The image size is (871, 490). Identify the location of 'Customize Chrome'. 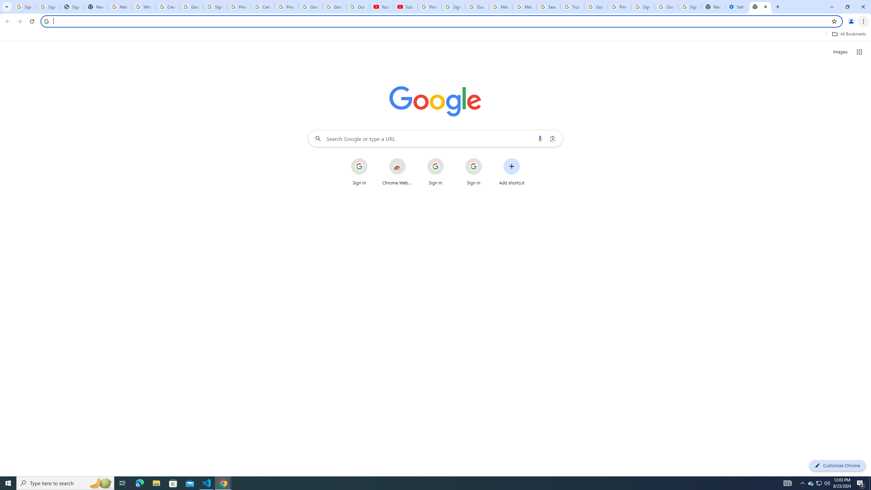
(837, 465).